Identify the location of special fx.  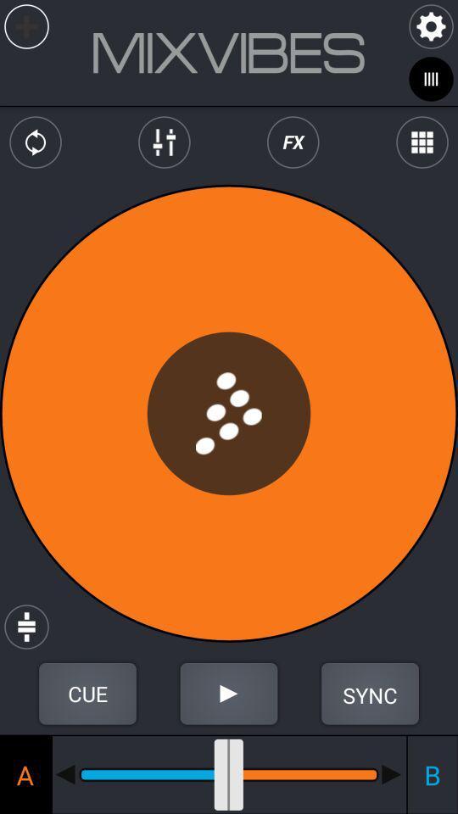
(292, 142).